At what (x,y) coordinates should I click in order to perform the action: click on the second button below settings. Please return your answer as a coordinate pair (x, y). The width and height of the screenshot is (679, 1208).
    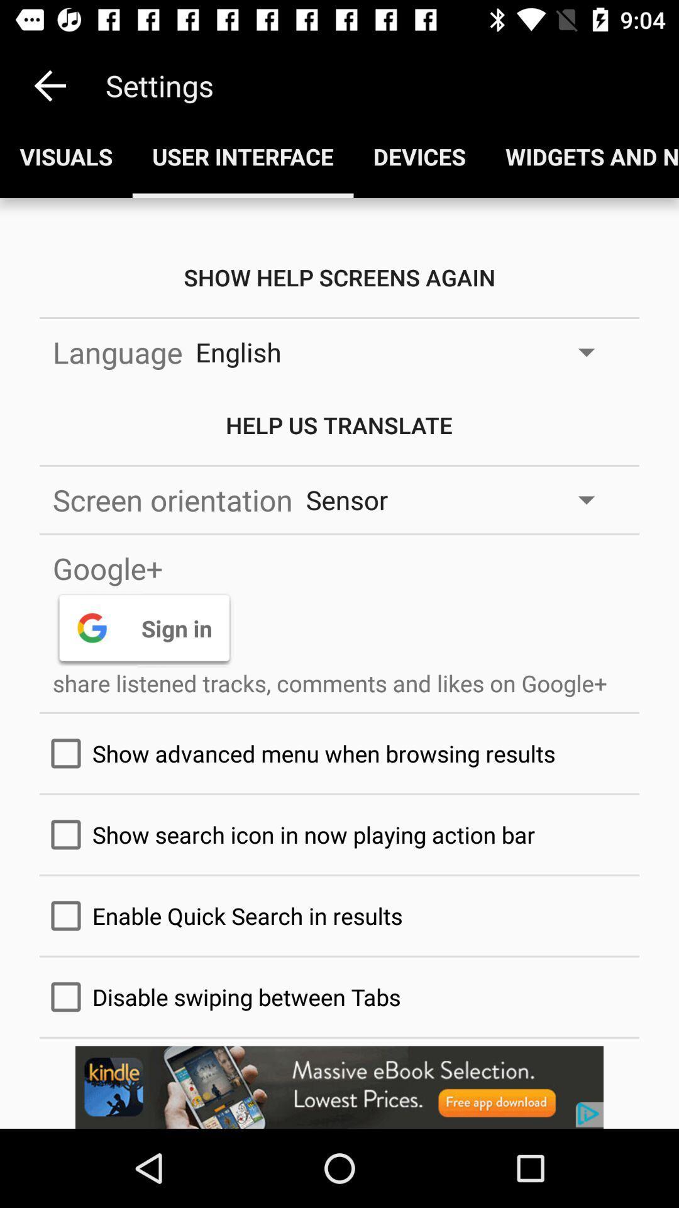
    Looking at the image, I should click on (243, 156).